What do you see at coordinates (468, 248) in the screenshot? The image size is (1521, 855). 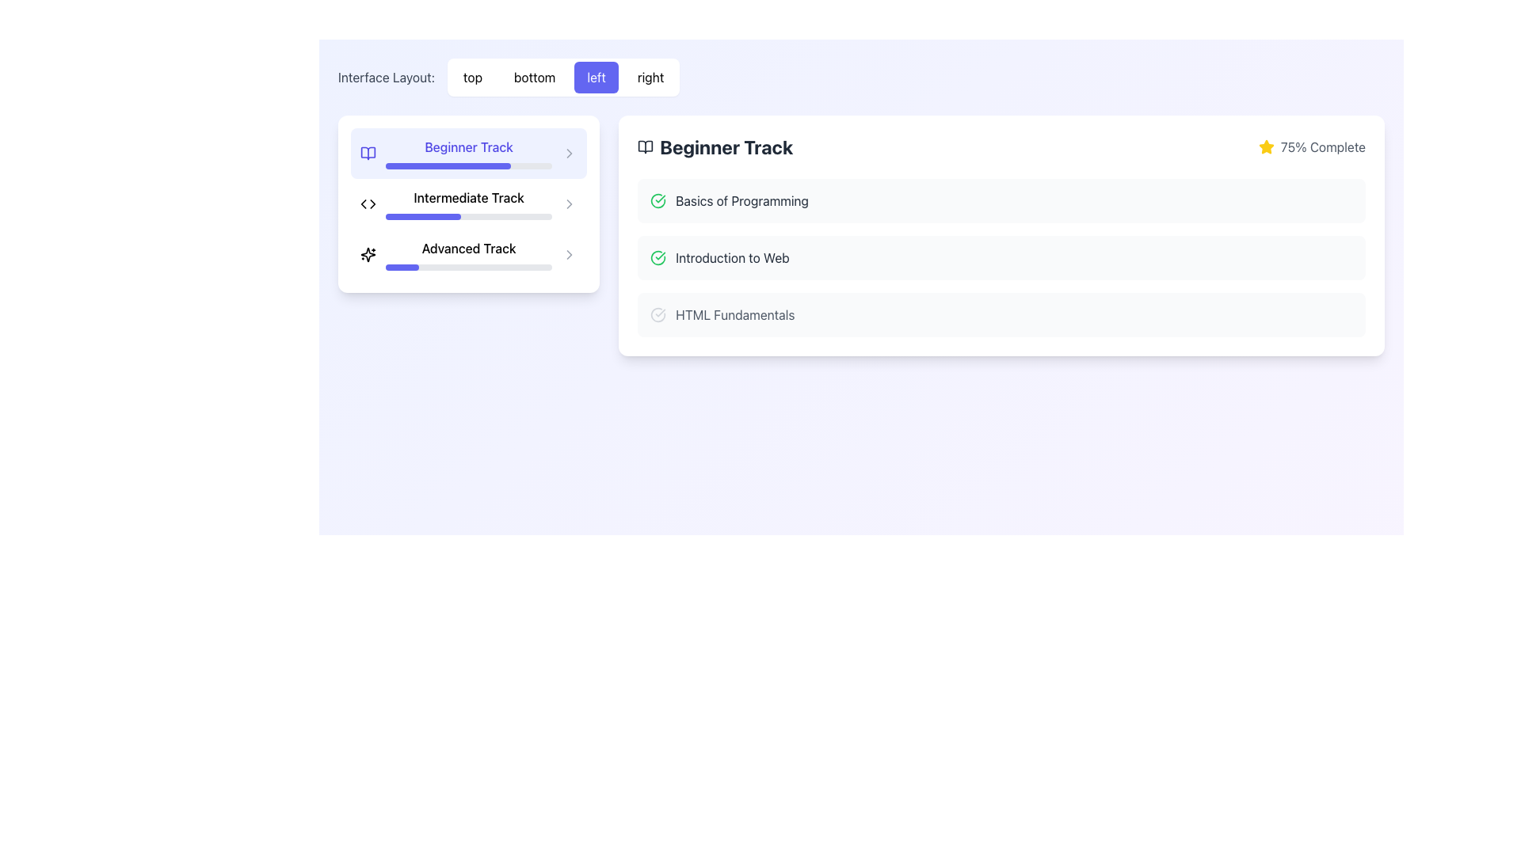 I see `the static text label that serves as a title for a track within the list of educational options` at bounding box center [468, 248].